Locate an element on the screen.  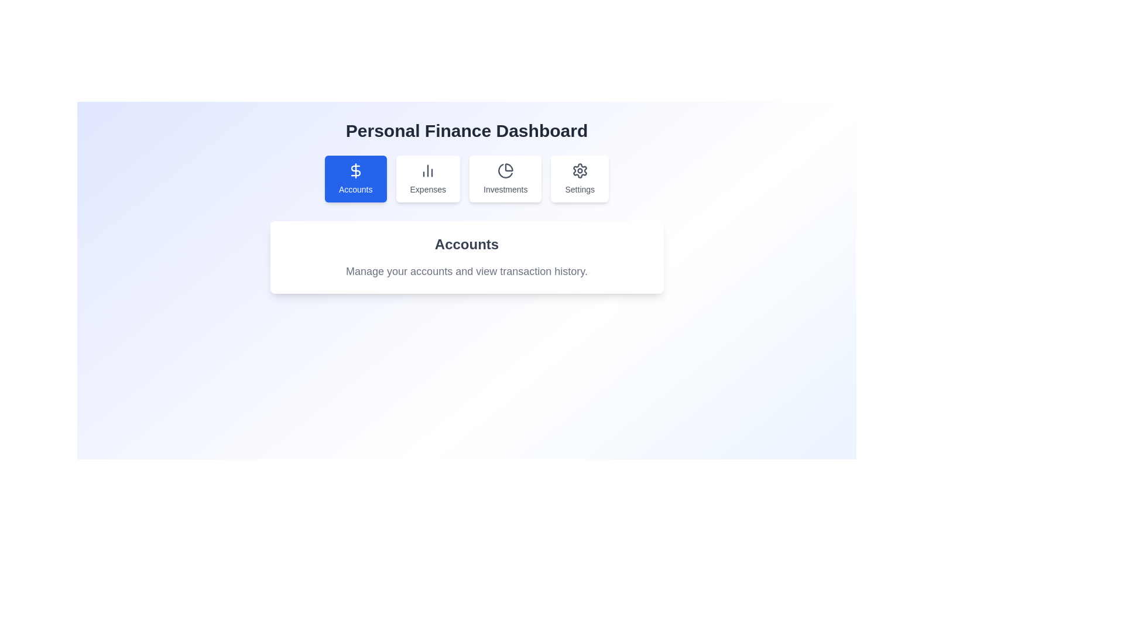
the 'Settings' button, which is the fourth button from the left in the horizontal list of buttons labeled 'Accounts,' 'Expenses,' 'Investments,' and 'Settings' is located at coordinates (580, 178).